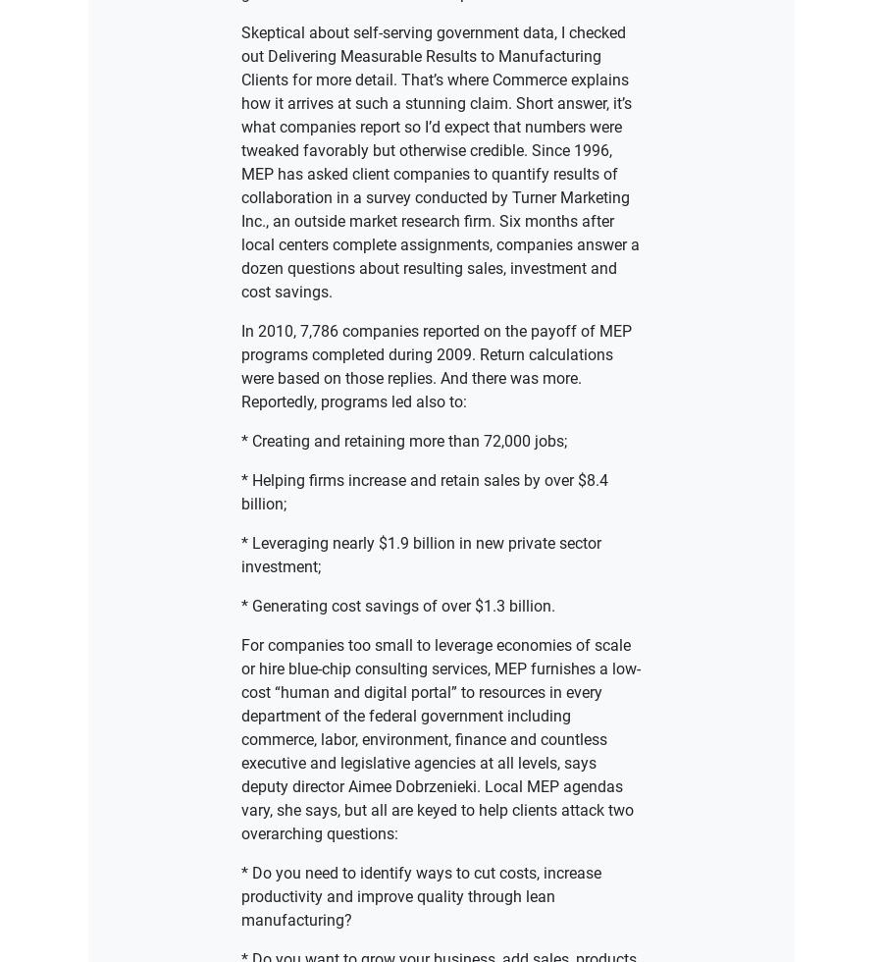  What do you see at coordinates (314, 474) in the screenshot?
I see `'About Us'` at bounding box center [314, 474].